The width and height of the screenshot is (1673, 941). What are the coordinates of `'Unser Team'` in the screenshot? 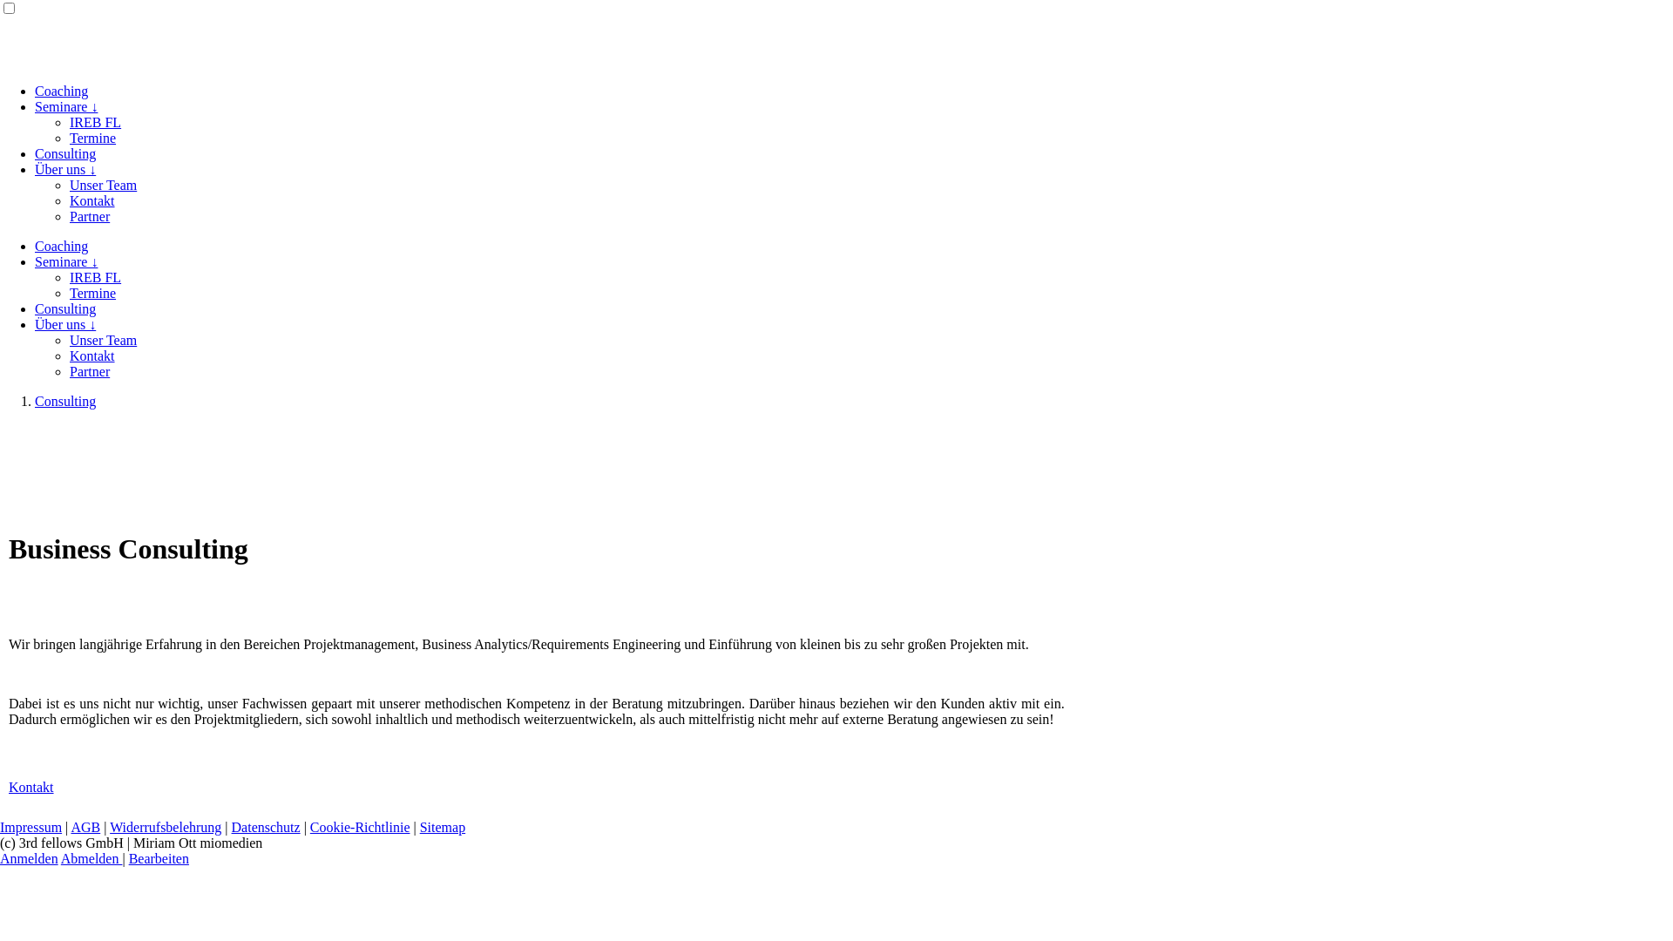 It's located at (102, 340).